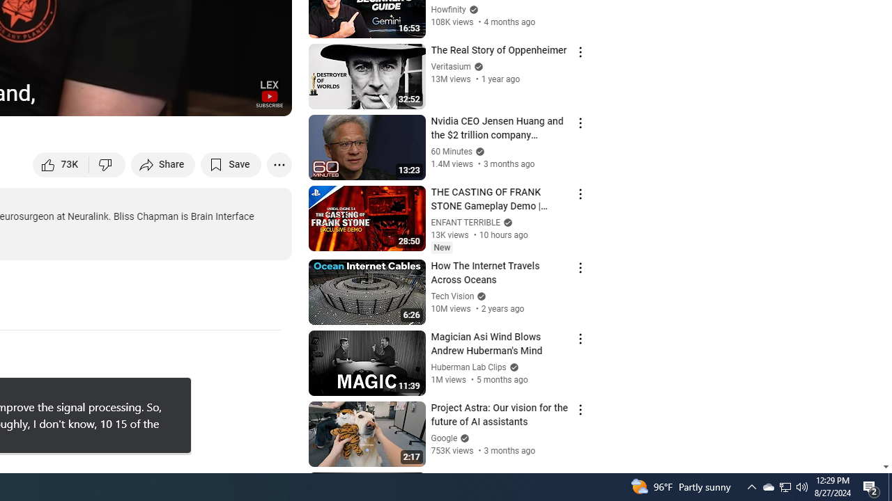  What do you see at coordinates (107, 164) in the screenshot?
I see `'Dislike this video'` at bounding box center [107, 164].